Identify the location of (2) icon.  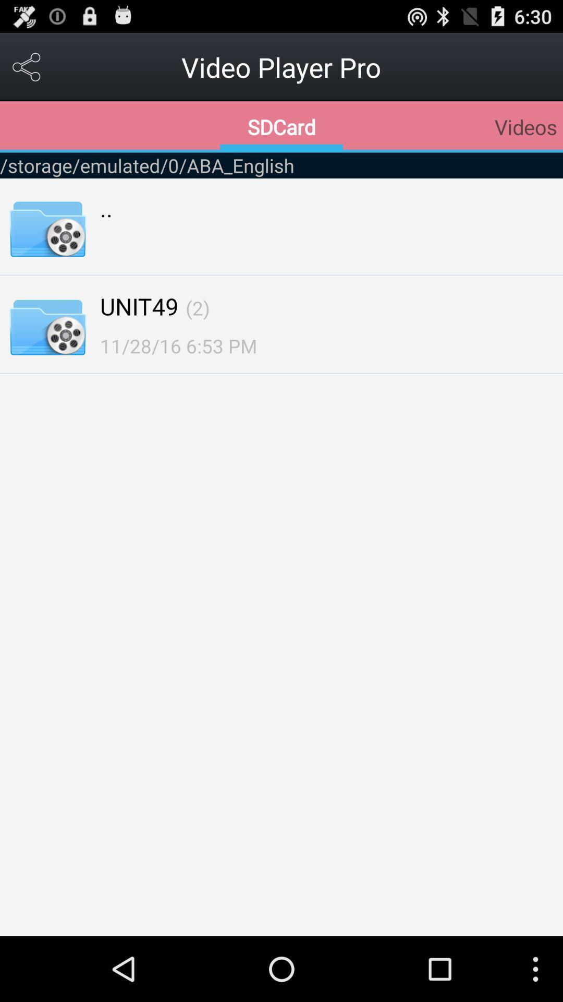
(198, 307).